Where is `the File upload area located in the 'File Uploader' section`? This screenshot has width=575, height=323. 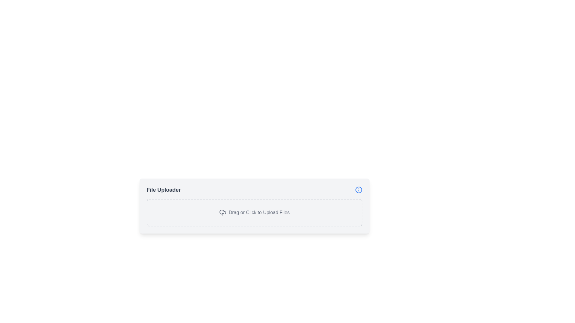
the File upload area located in the 'File Uploader' section is located at coordinates (254, 212).